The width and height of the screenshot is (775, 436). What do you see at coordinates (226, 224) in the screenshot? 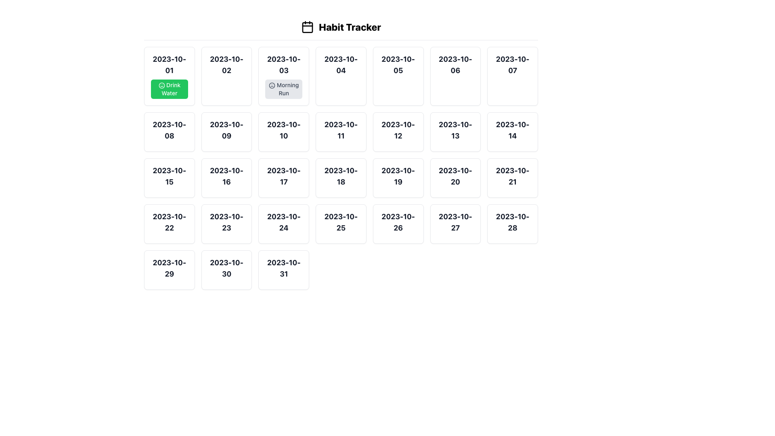
I see `the Clickable date card displaying '2023-10-23'` at bounding box center [226, 224].